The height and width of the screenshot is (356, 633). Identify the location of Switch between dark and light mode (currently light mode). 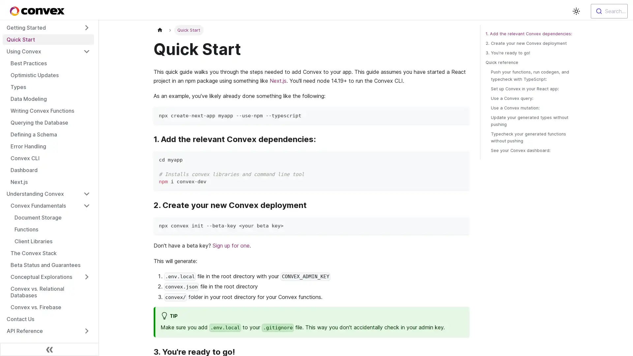
(576, 11).